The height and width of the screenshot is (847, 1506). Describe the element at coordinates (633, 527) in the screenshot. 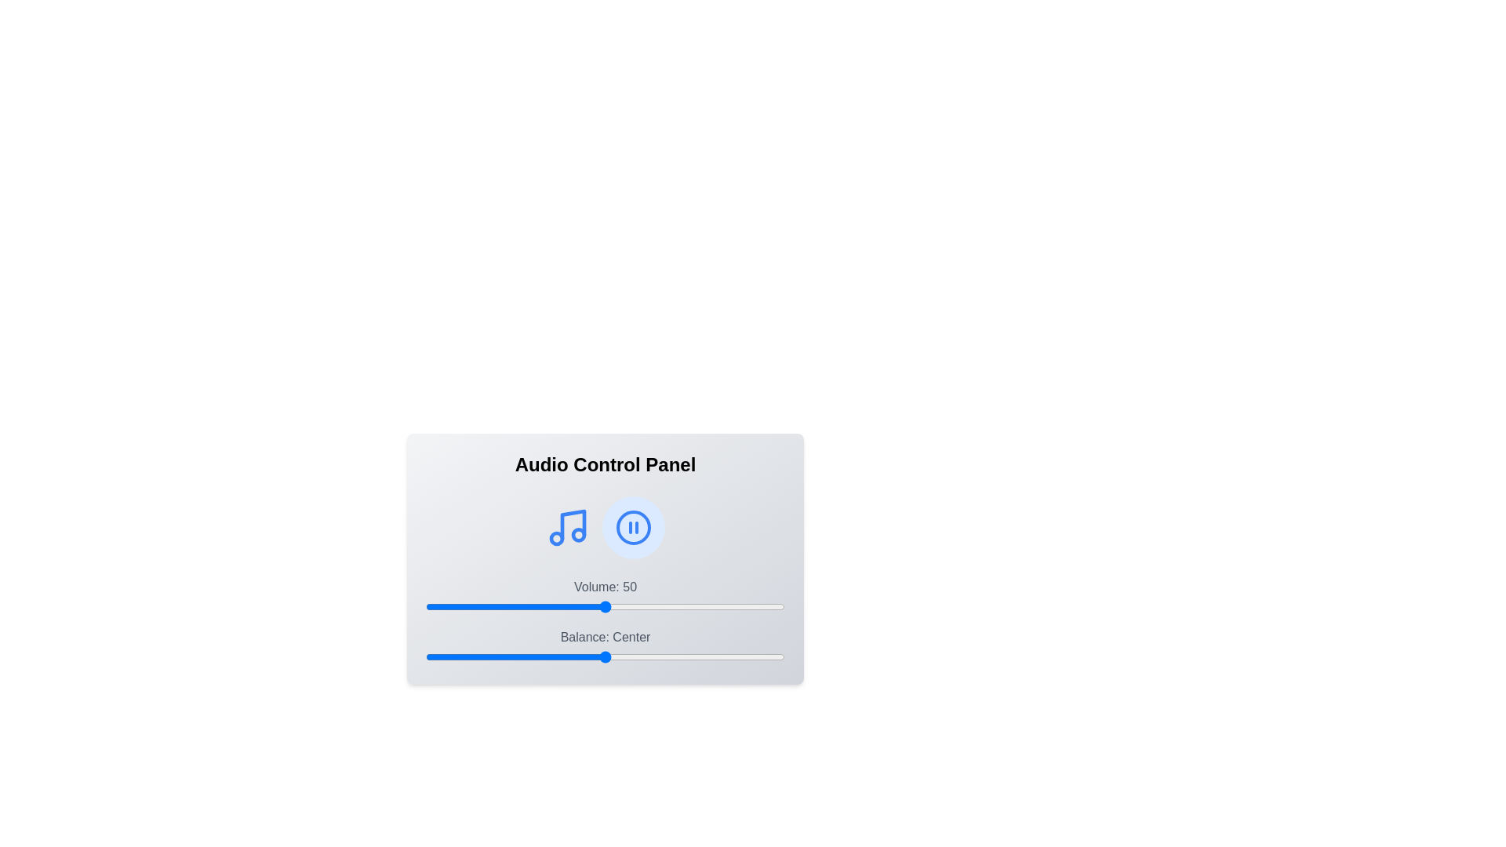

I see `the pause button located` at that location.